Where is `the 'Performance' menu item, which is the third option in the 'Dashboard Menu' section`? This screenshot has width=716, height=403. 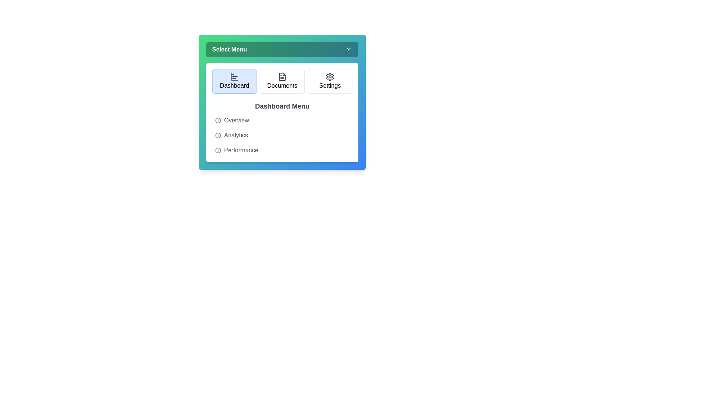 the 'Performance' menu item, which is the third option in the 'Dashboard Menu' section is located at coordinates (282, 150).